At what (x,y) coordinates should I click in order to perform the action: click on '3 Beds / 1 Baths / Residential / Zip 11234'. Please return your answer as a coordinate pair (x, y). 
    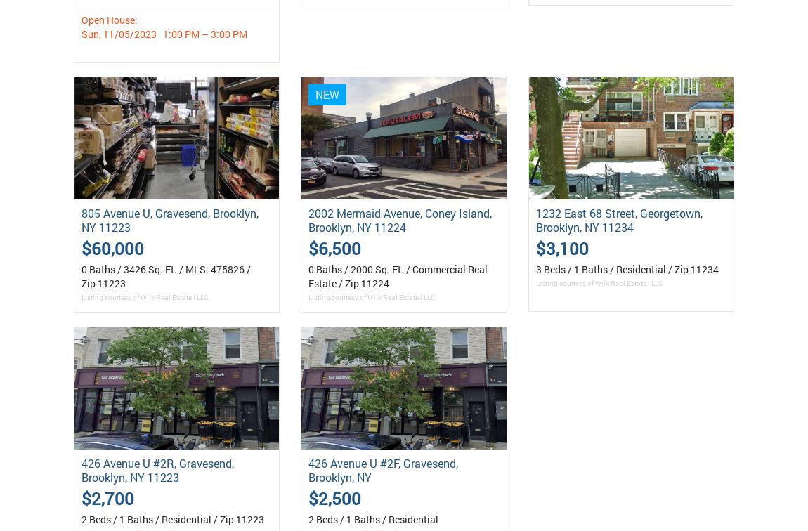
    Looking at the image, I should click on (627, 268).